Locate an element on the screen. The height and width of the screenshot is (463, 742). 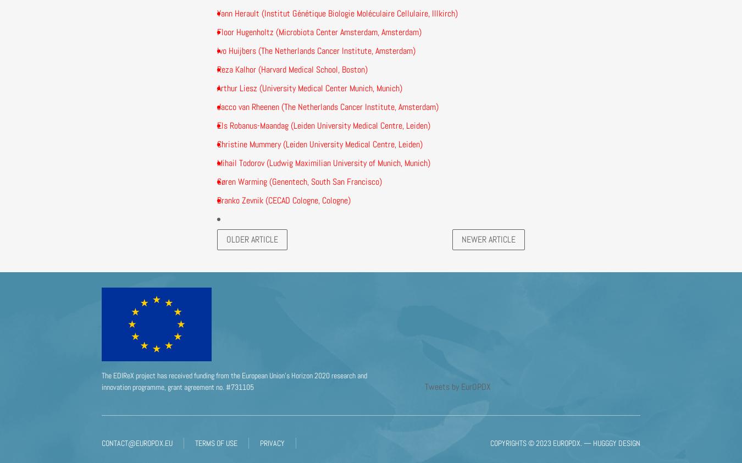
'Floor Hugenholtz (Microbiota Center Amsterdam, Amsterdam)' is located at coordinates (319, 31).